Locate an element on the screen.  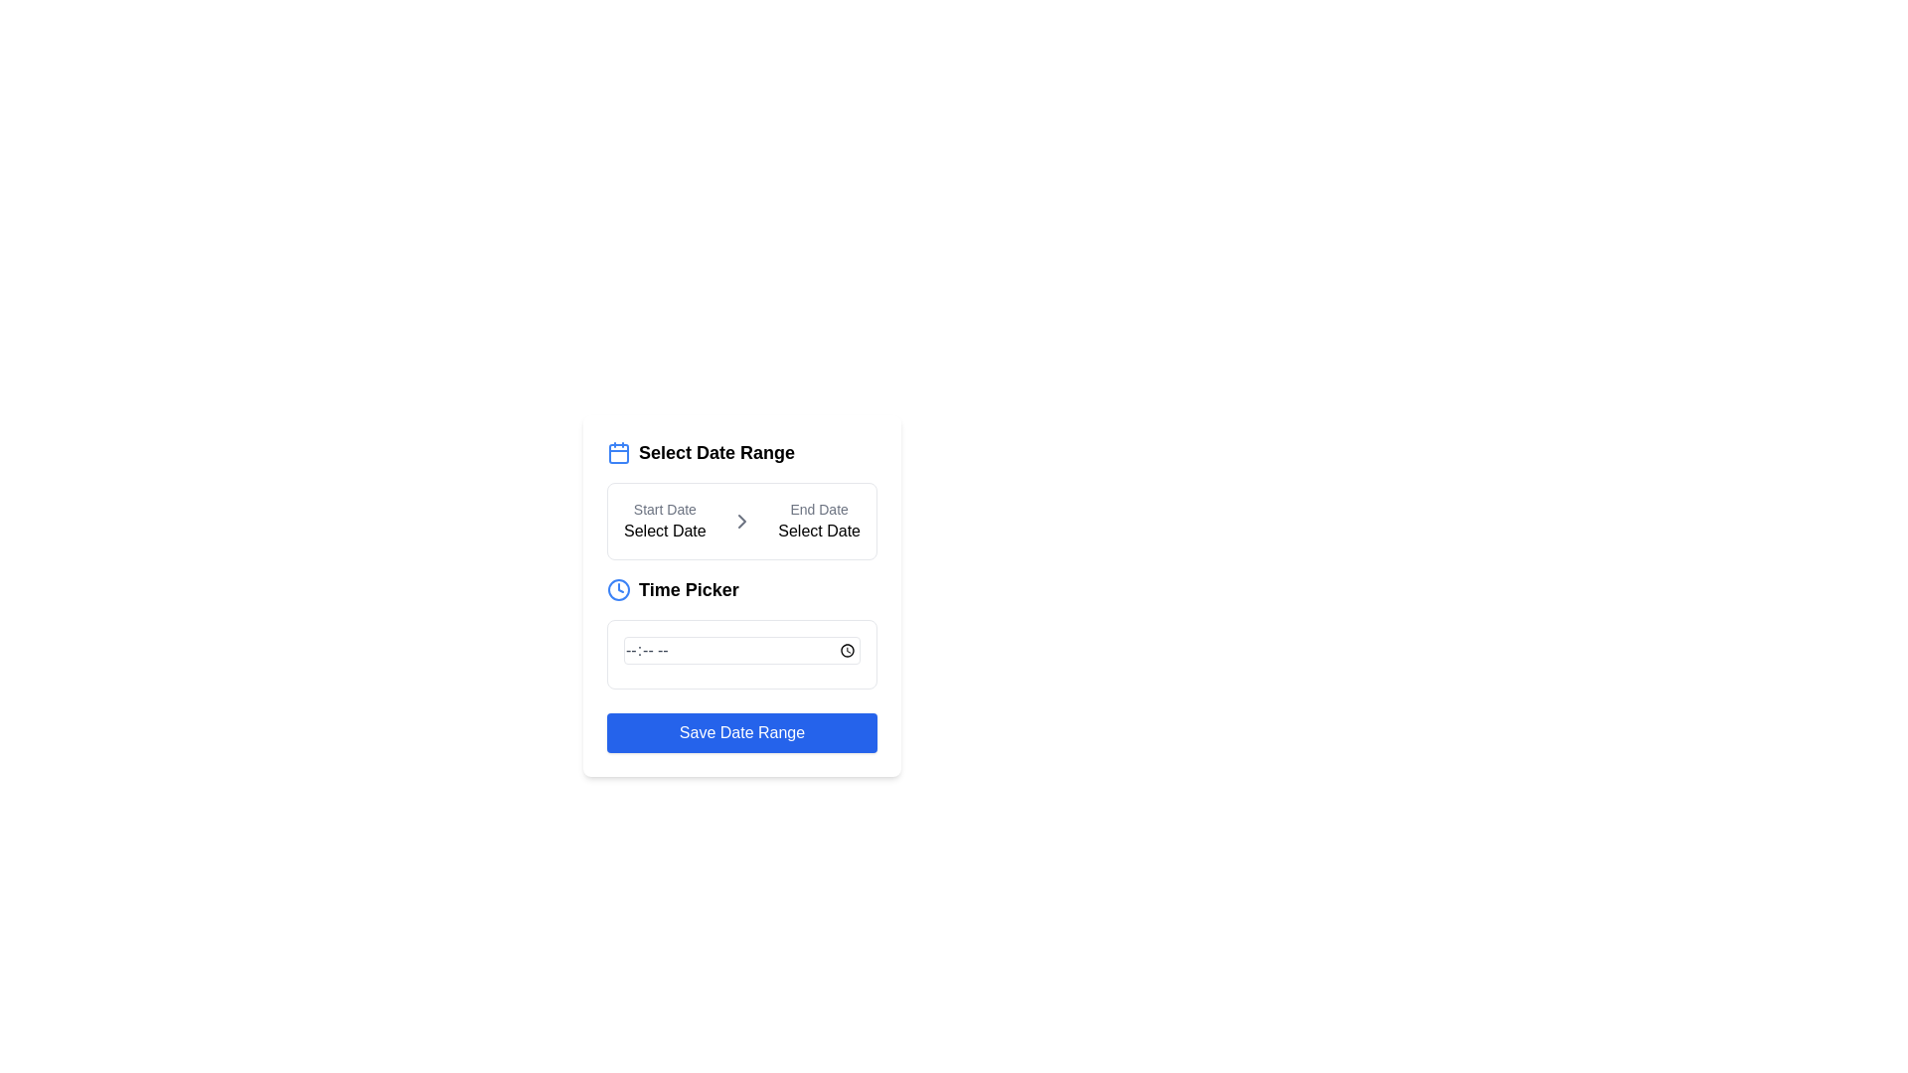
the SVG circle graphic that is part of the clock icon representing the 'Time Picker' feature, located before the 'Time Picker' label is located at coordinates (618, 589).